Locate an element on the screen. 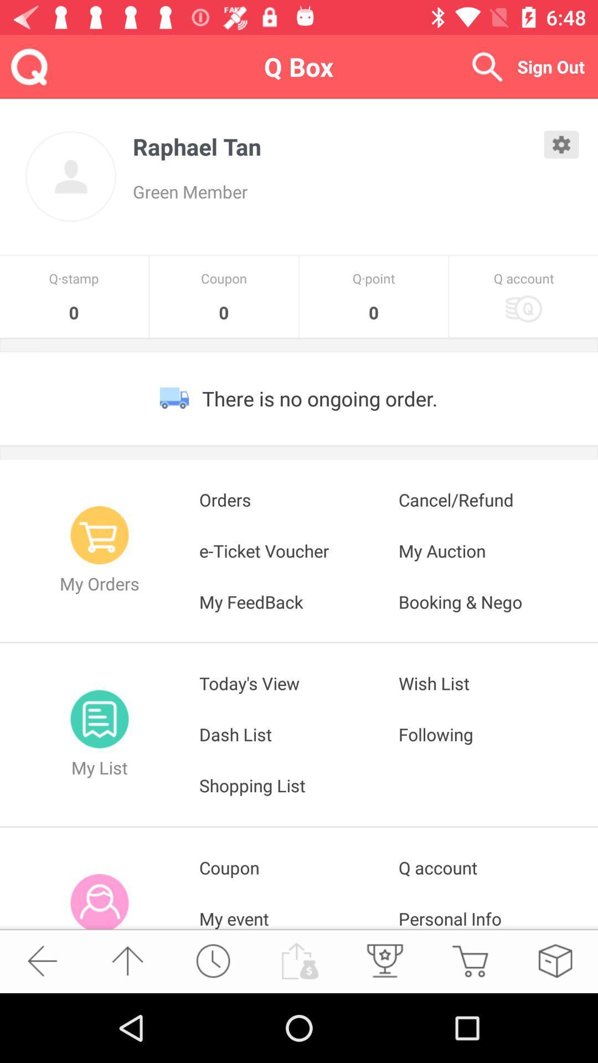 The height and width of the screenshot is (1063, 598). the cart icon is located at coordinates (470, 960).